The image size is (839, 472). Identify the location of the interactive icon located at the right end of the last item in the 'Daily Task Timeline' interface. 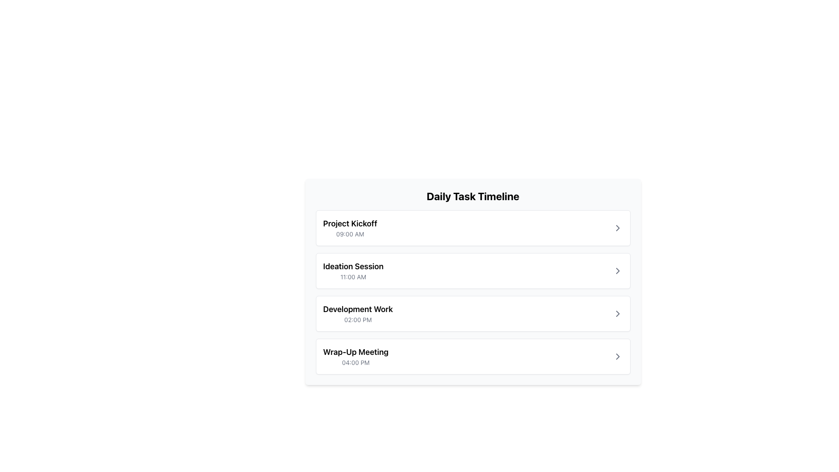
(617, 357).